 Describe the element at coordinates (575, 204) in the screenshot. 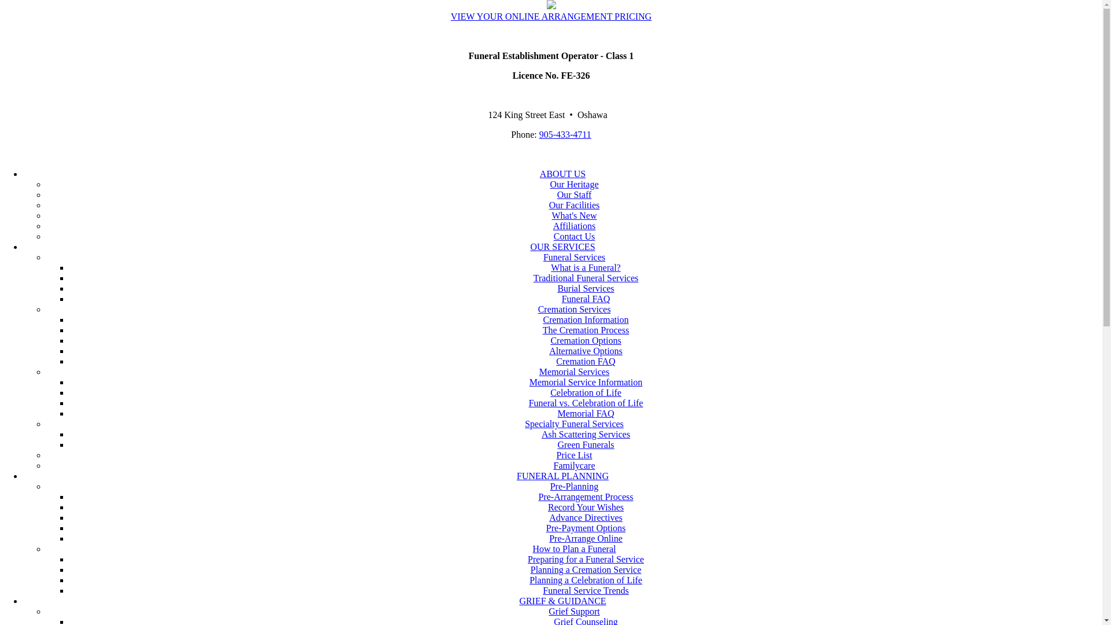

I see `'Our Facilities'` at that location.